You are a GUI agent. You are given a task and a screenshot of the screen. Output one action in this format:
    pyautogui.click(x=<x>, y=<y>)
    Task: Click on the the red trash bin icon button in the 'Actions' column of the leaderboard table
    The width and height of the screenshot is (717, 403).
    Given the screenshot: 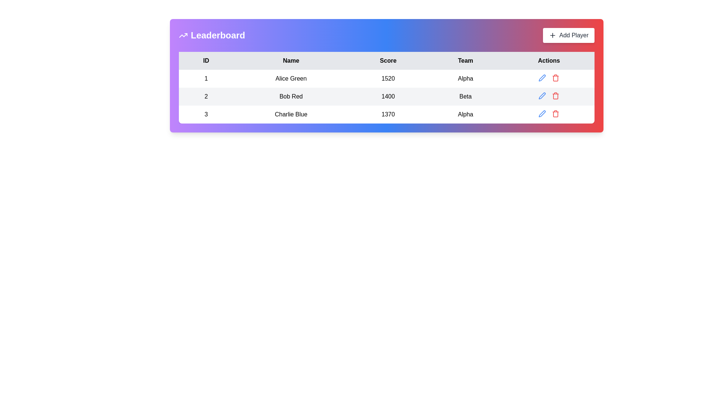 What is the action you would take?
    pyautogui.click(x=556, y=113)
    